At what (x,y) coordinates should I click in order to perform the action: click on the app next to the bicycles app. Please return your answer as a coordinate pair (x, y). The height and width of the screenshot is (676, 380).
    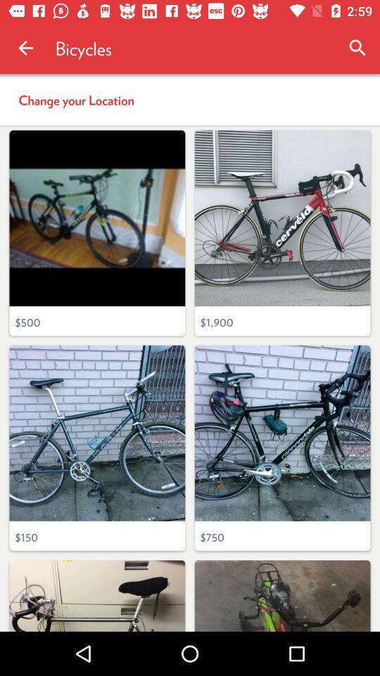
    Looking at the image, I should click on (357, 48).